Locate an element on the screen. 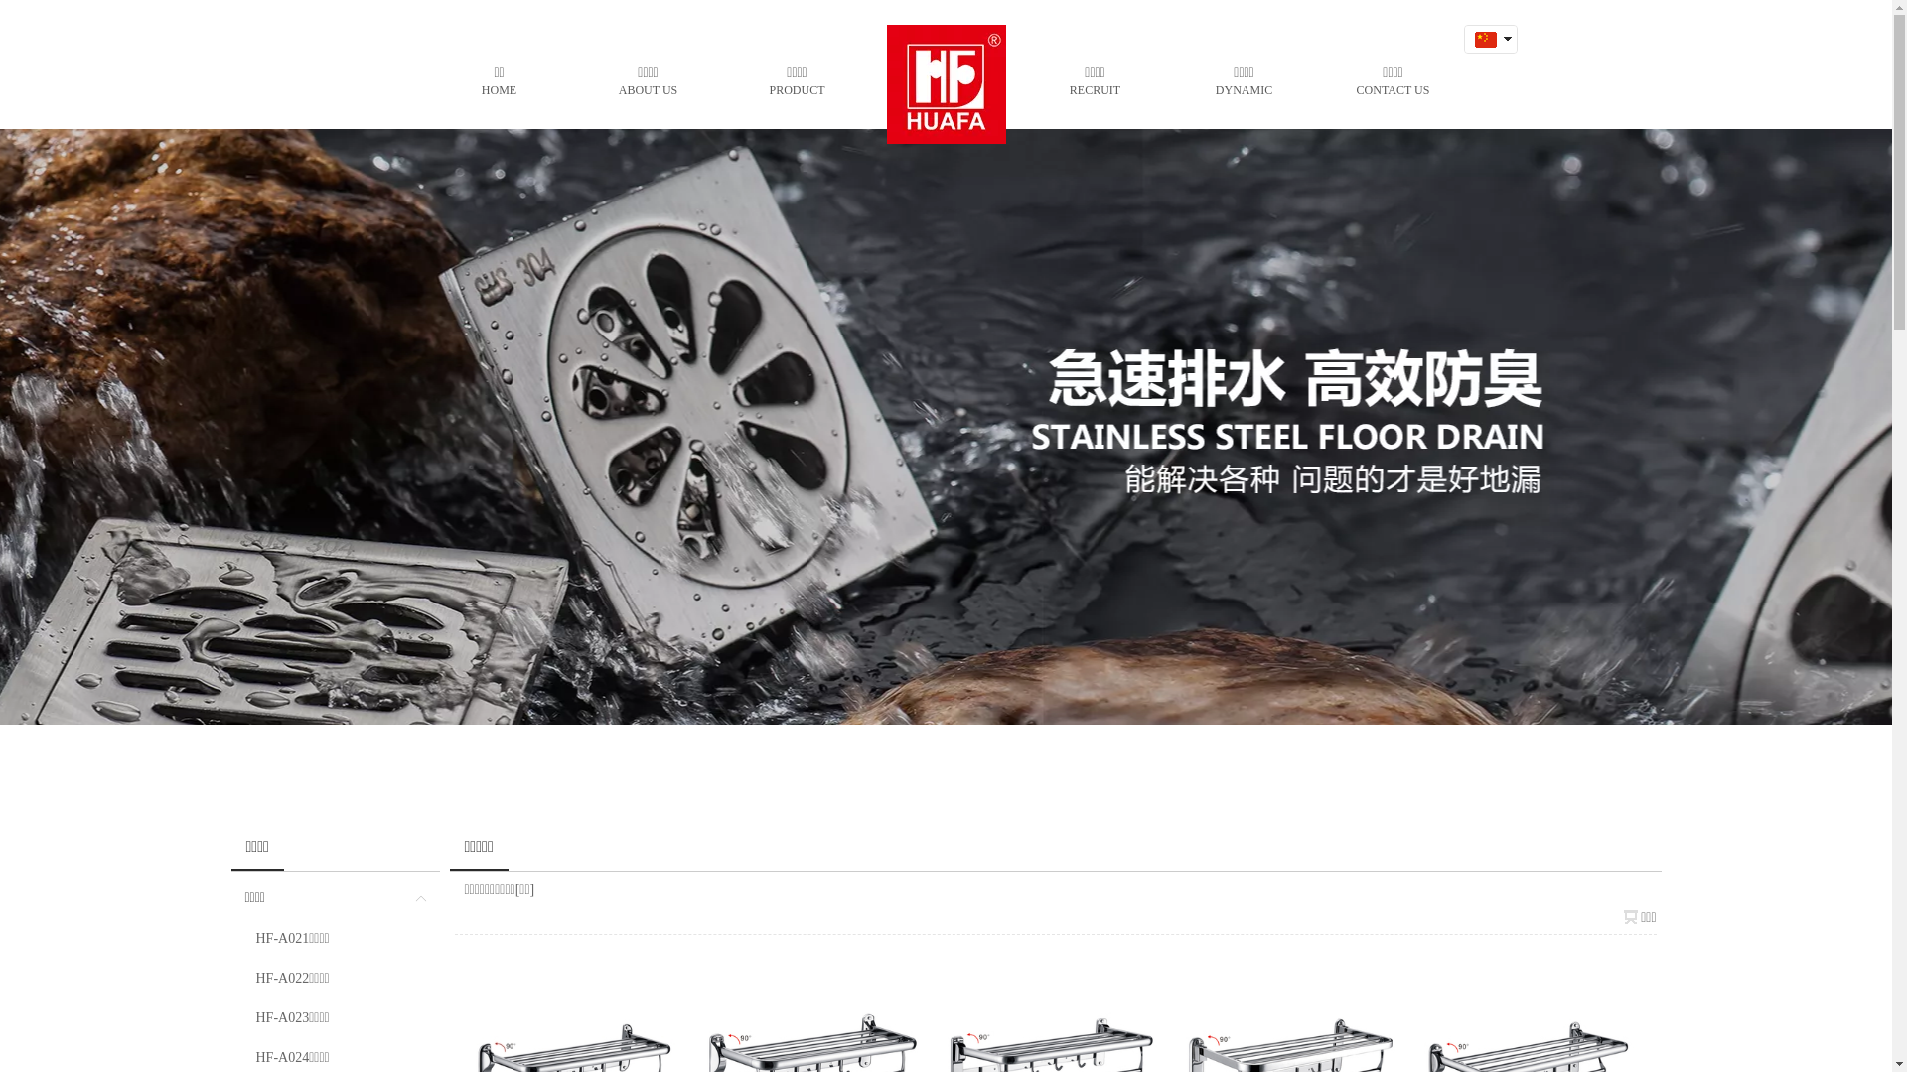  ' ' is located at coordinates (1484, 39).